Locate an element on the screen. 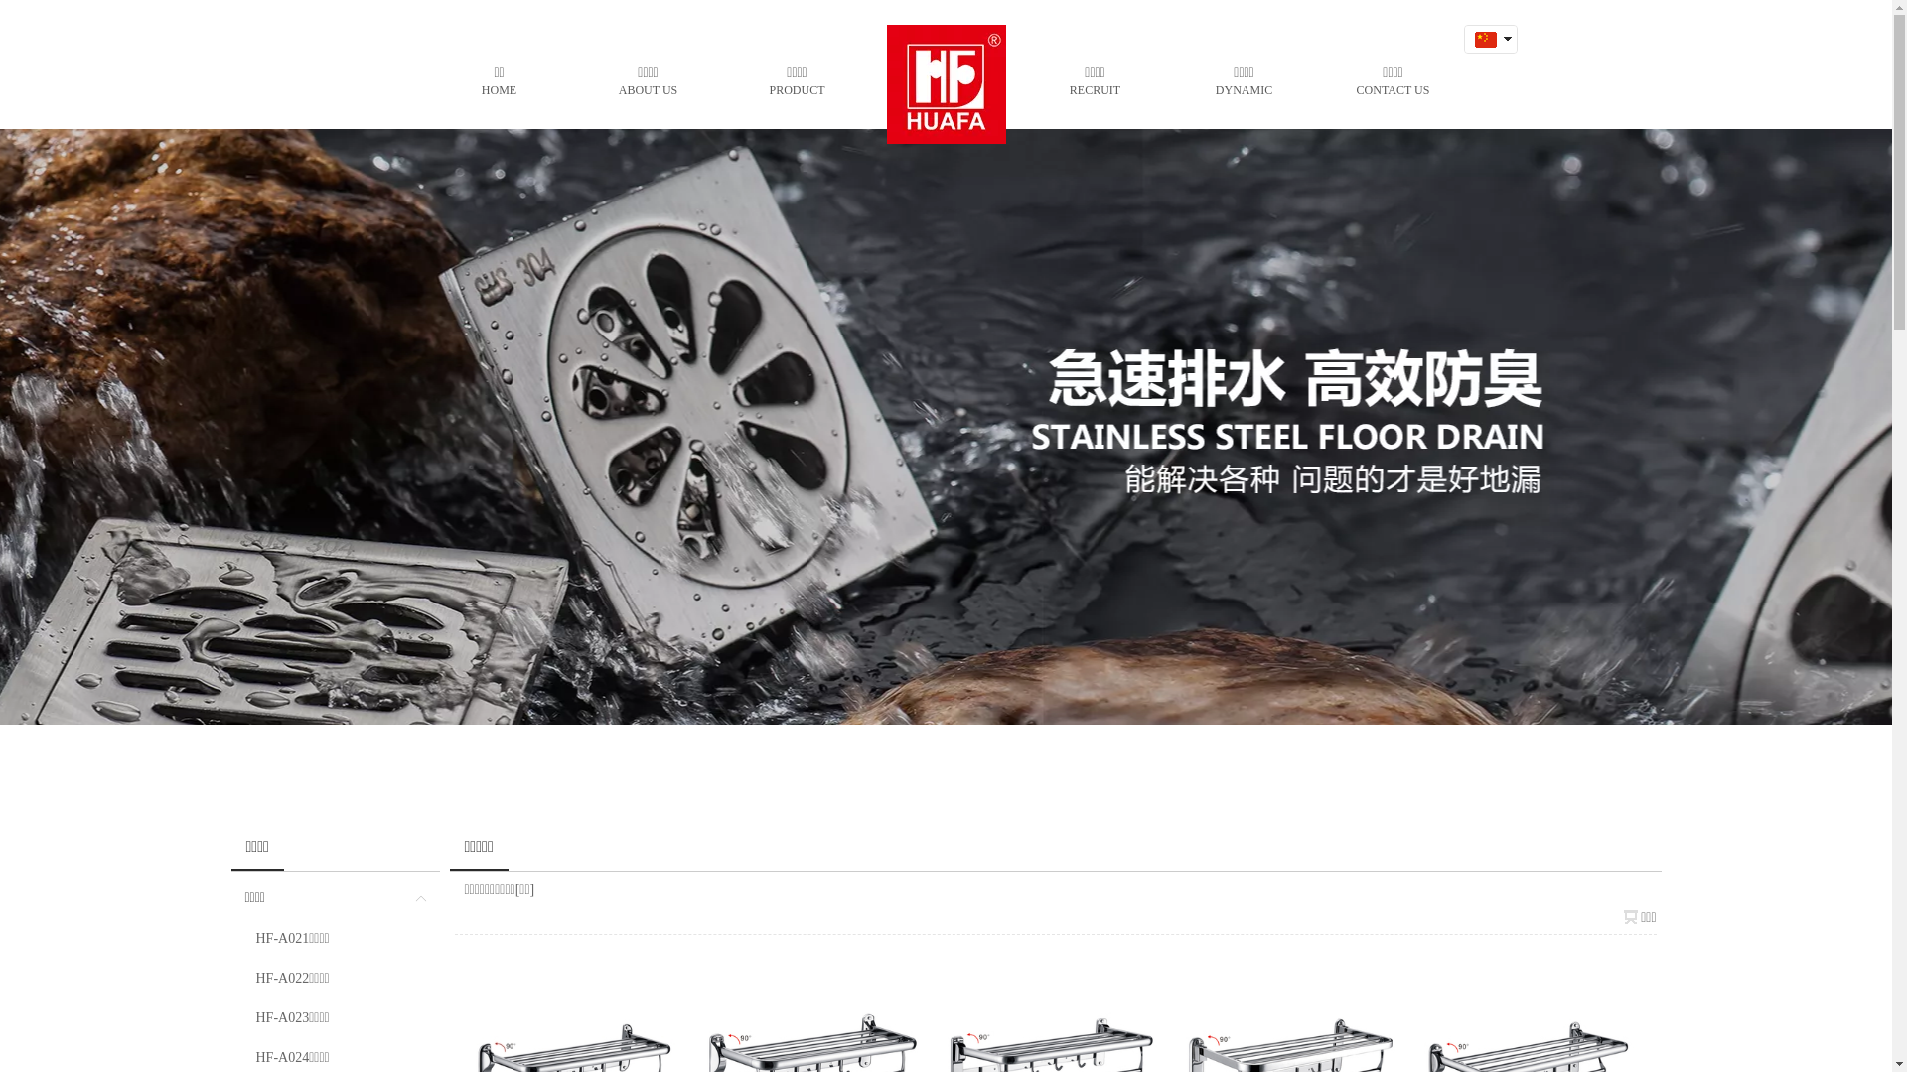  ' ' is located at coordinates (1484, 39).